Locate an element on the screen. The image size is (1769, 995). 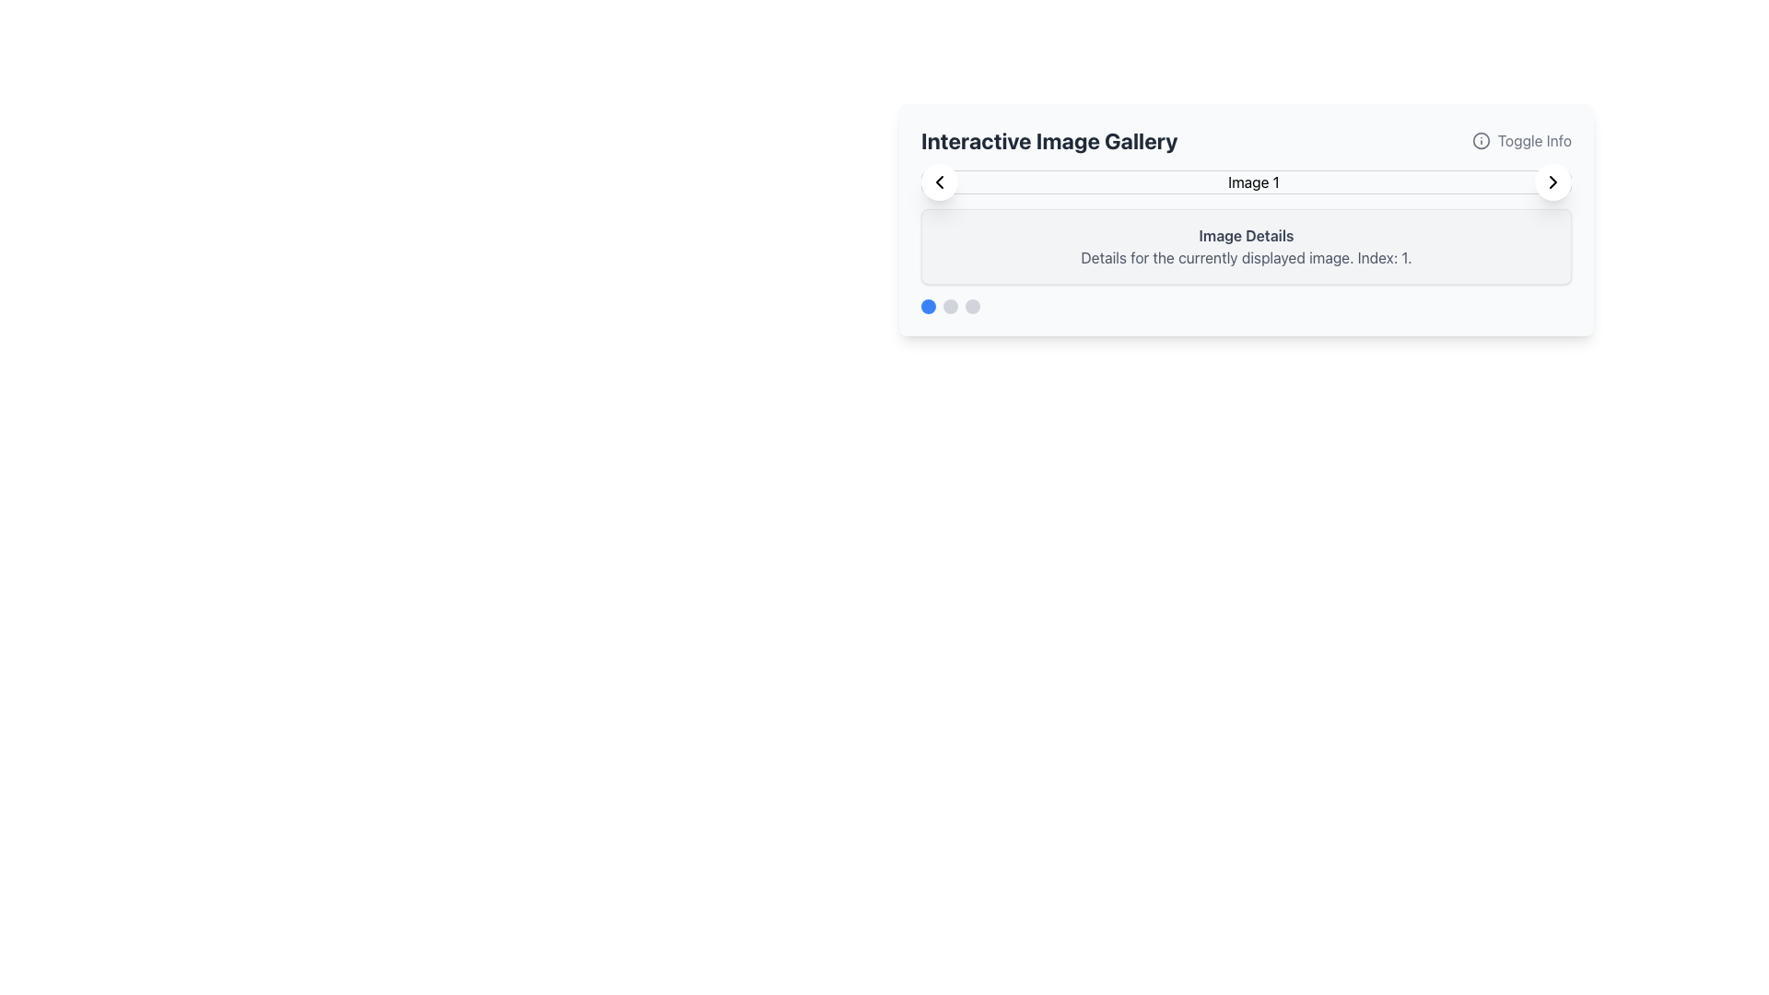
the navigation button with an icon that allows users to go to the previous item in the gallery, located adjacent to the label 'Image 1.' is located at coordinates (939, 181).